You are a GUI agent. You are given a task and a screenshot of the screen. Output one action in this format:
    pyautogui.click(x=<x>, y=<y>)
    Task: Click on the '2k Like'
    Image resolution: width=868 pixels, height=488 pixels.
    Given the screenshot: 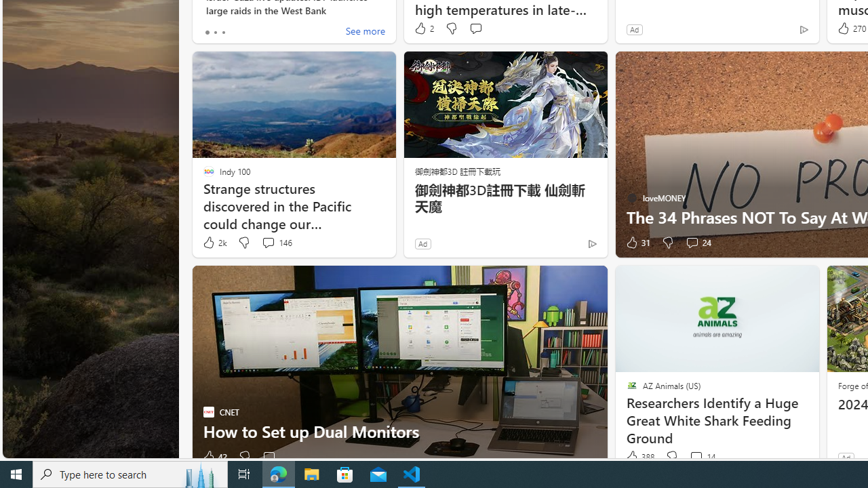 What is the action you would take?
    pyautogui.click(x=213, y=242)
    